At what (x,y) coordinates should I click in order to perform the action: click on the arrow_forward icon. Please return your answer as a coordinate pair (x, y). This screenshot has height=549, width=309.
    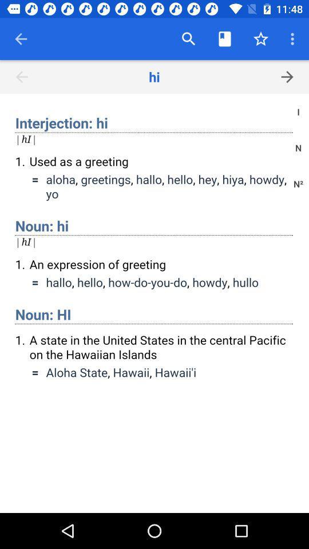
    Looking at the image, I should click on (286, 76).